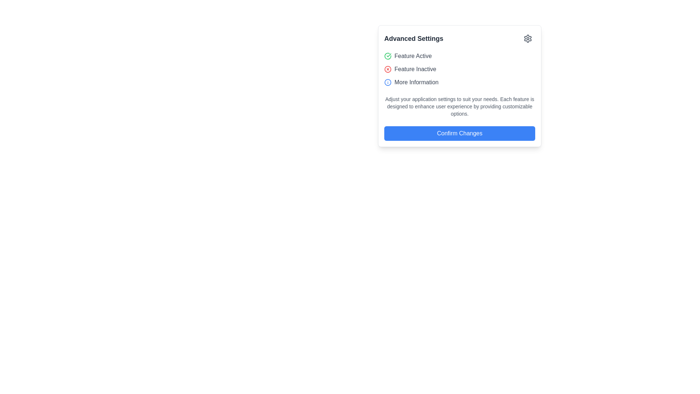  What do you see at coordinates (459, 82) in the screenshot?
I see `the third item in the vertical list of options titled 'Advanced Settings'` at bounding box center [459, 82].